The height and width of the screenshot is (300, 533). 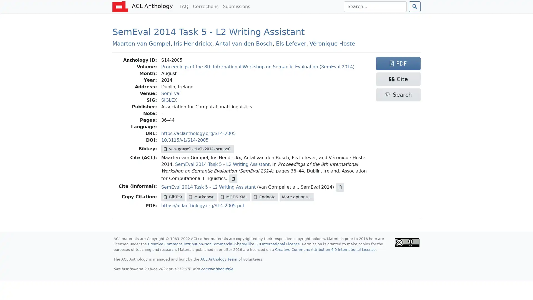 I want to click on MODS XML, so click(x=234, y=197).